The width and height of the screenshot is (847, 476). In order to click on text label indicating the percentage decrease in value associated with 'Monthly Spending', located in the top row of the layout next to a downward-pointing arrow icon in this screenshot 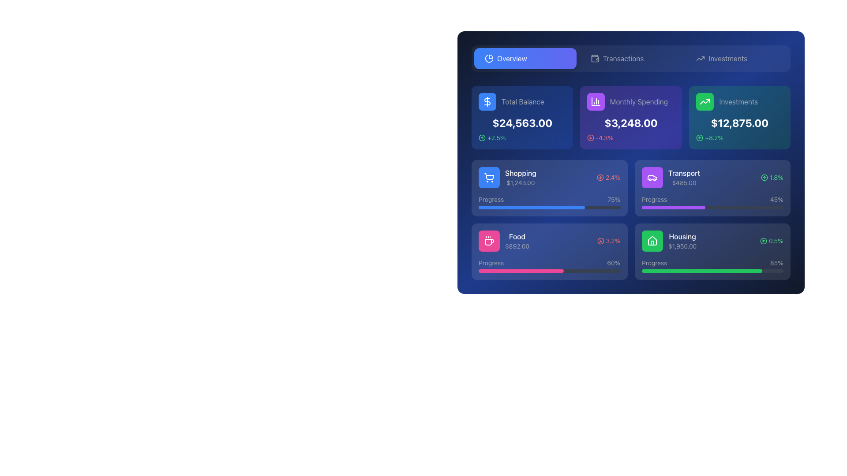, I will do `click(604, 138)`.